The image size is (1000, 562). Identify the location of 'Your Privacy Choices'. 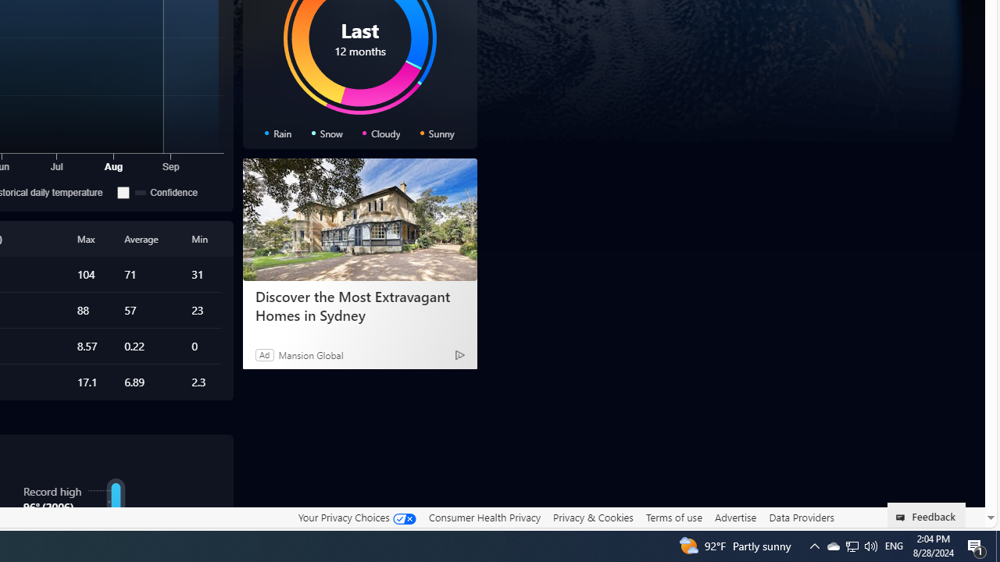
(355, 518).